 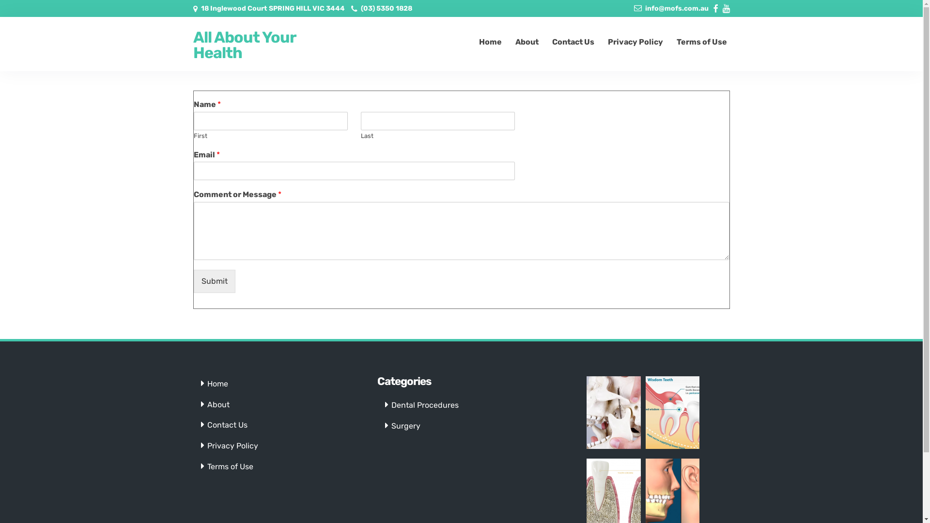 I want to click on 'Home', so click(x=206, y=383).